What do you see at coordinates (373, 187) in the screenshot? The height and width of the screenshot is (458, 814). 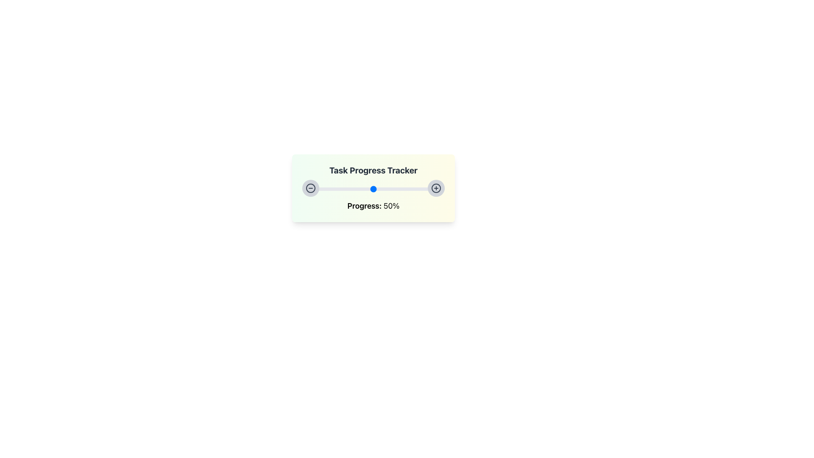 I see `the Progress Tracker widget, which features a gradient background and displays 'Task Progress Tracker' and 'Progress: 50%'` at bounding box center [373, 187].